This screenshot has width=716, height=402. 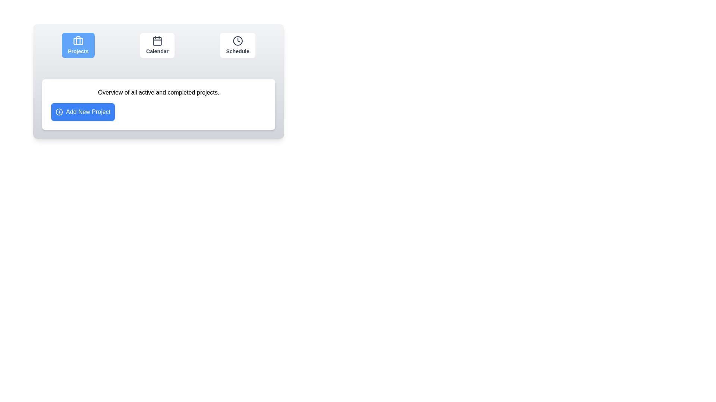 I want to click on the Calendar tab by clicking its icon, so click(x=157, y=45).